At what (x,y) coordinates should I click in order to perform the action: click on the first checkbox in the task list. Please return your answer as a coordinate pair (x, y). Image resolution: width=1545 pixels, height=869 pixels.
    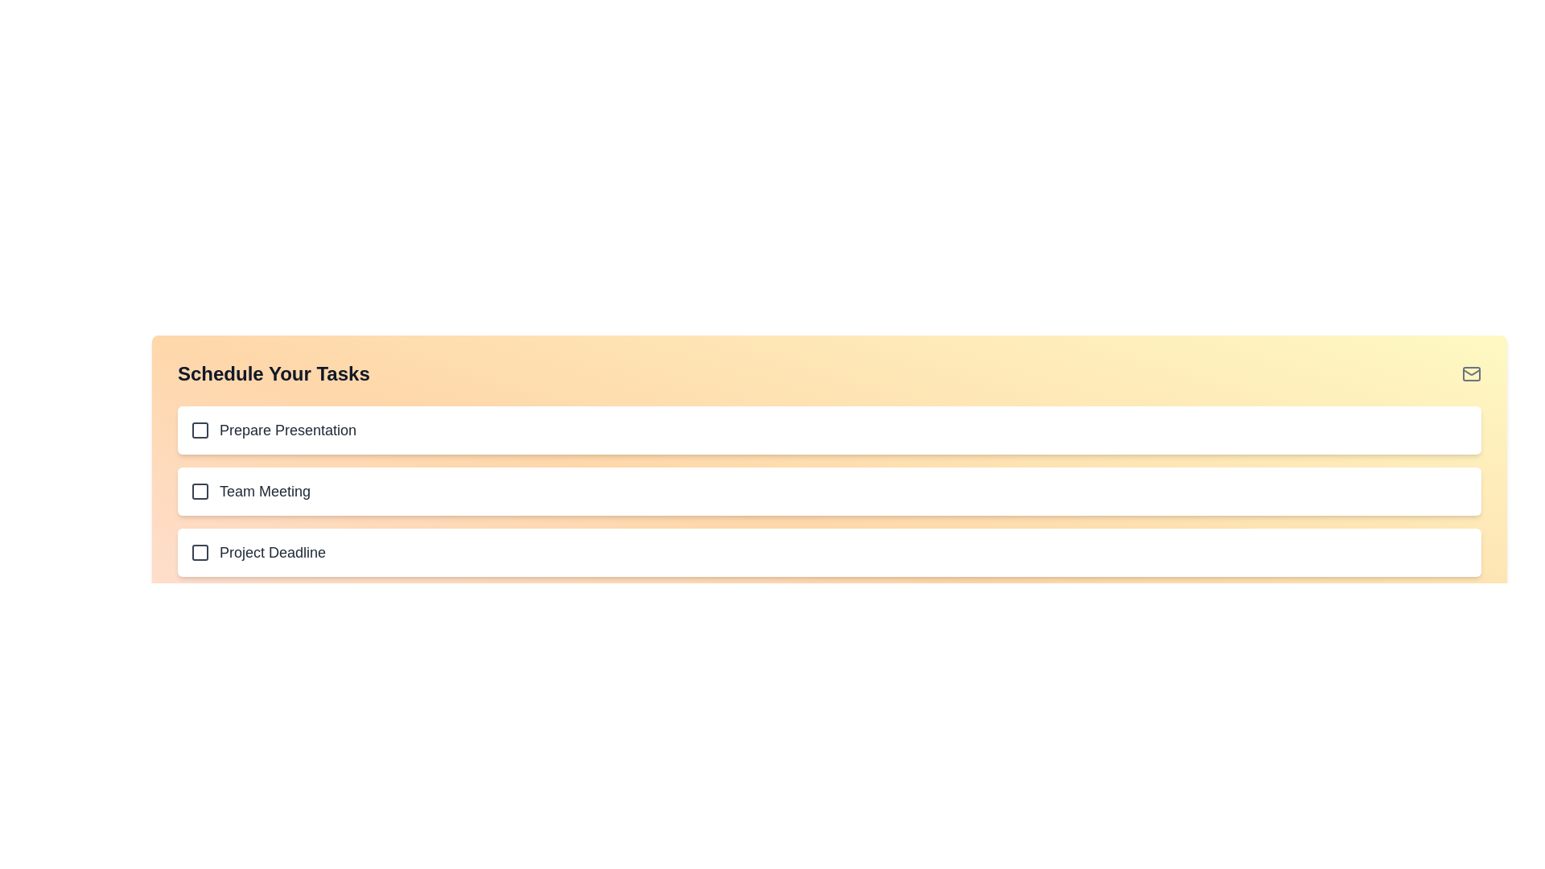
    Looking at the image, I should click on (200, 430).